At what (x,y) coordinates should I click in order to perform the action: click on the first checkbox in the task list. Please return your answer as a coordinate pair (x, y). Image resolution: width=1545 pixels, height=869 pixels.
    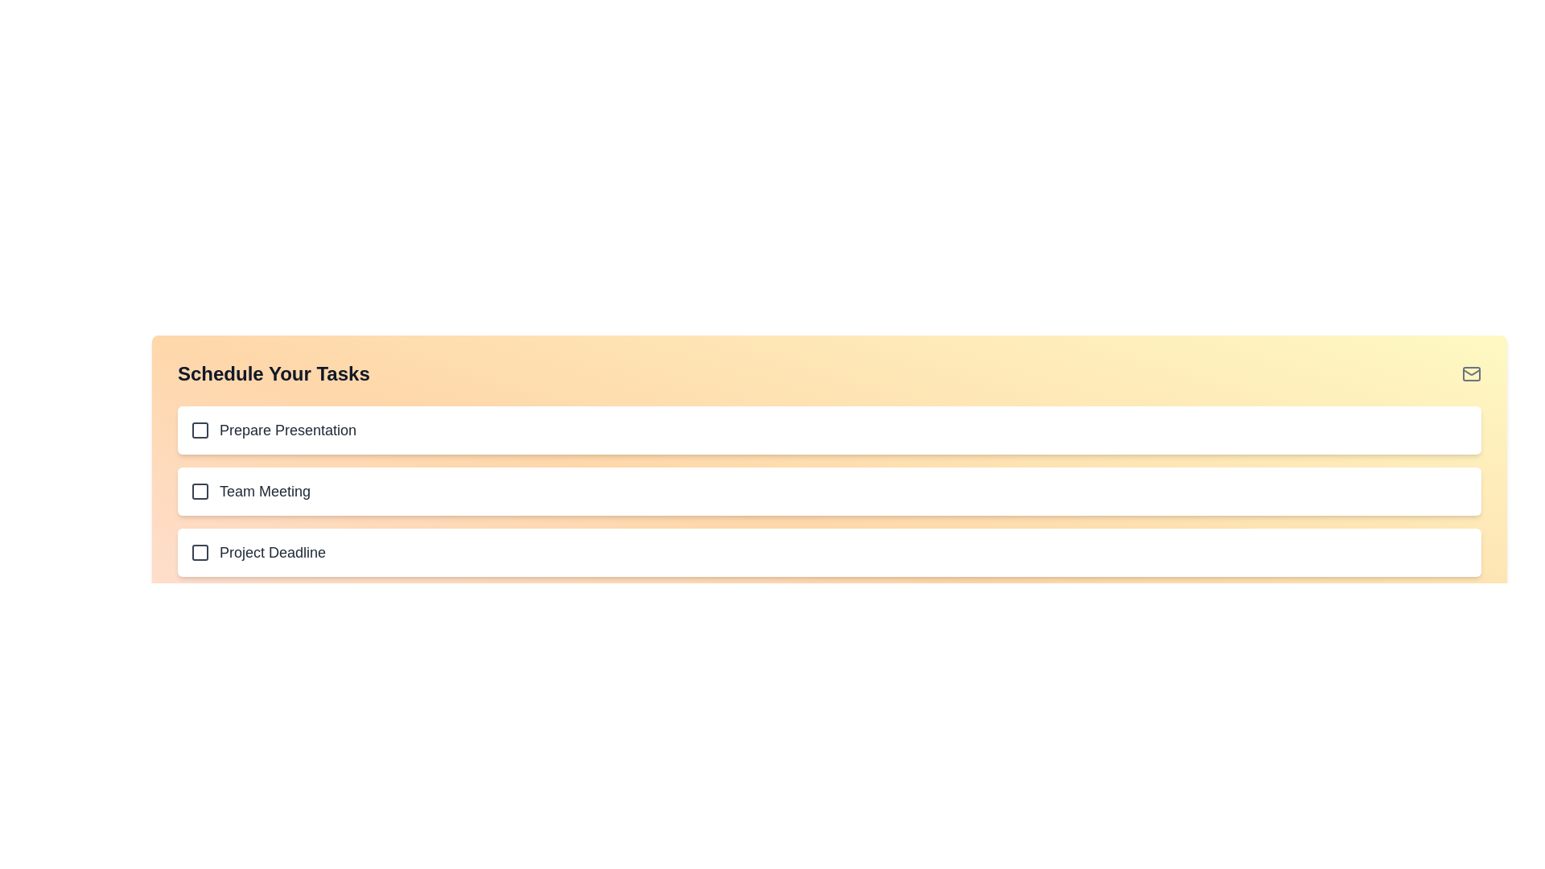
    Looking at the image, I should click on (200, 430).